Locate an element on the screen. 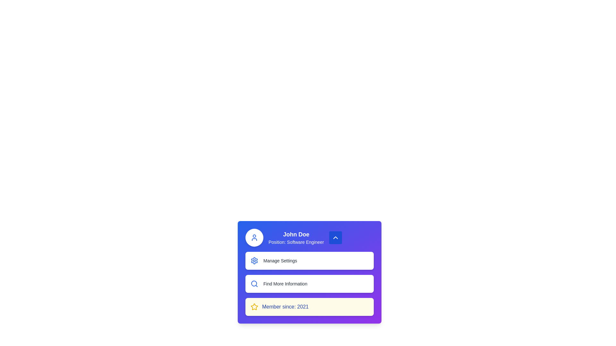  the Profile header section is located at coordinates (309, 237).